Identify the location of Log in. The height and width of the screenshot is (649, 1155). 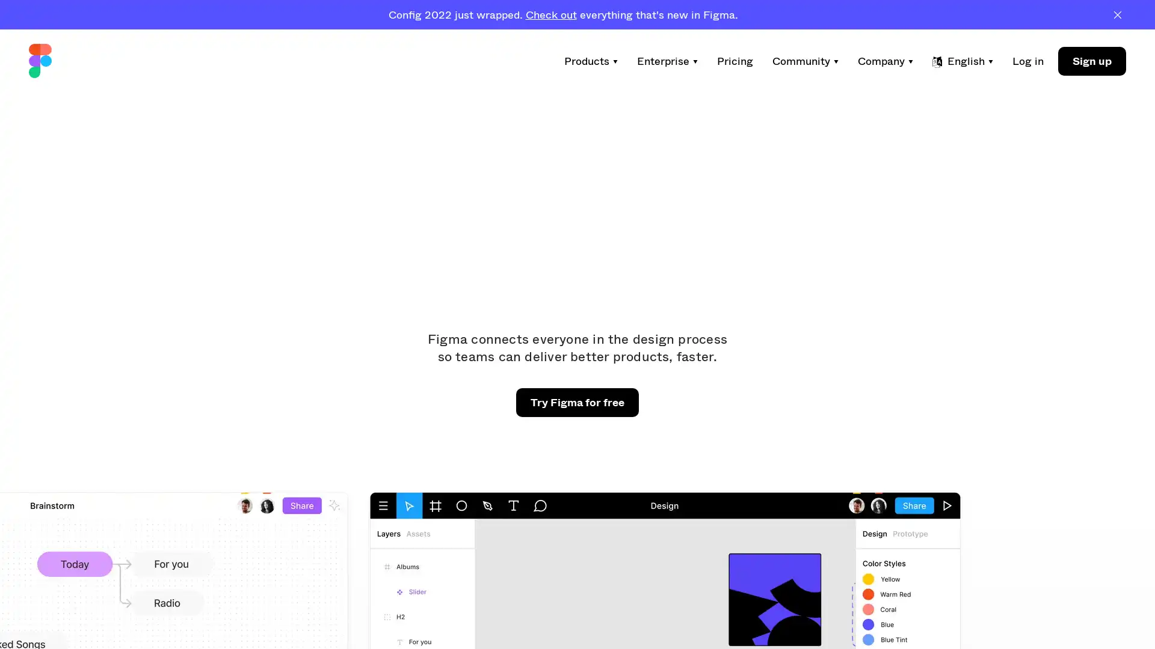
(1027, 61).